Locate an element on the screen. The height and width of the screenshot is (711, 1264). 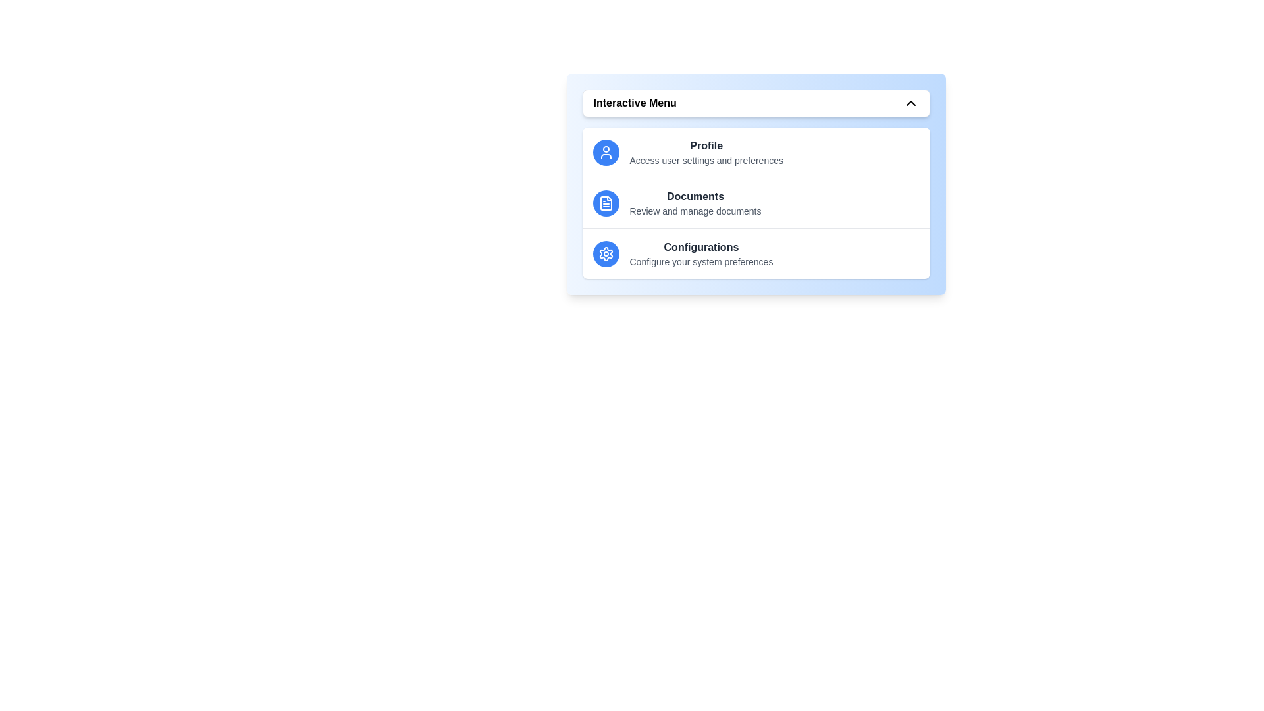
the menu item Configurations by clicking on it is located at coordinates (756, 253).